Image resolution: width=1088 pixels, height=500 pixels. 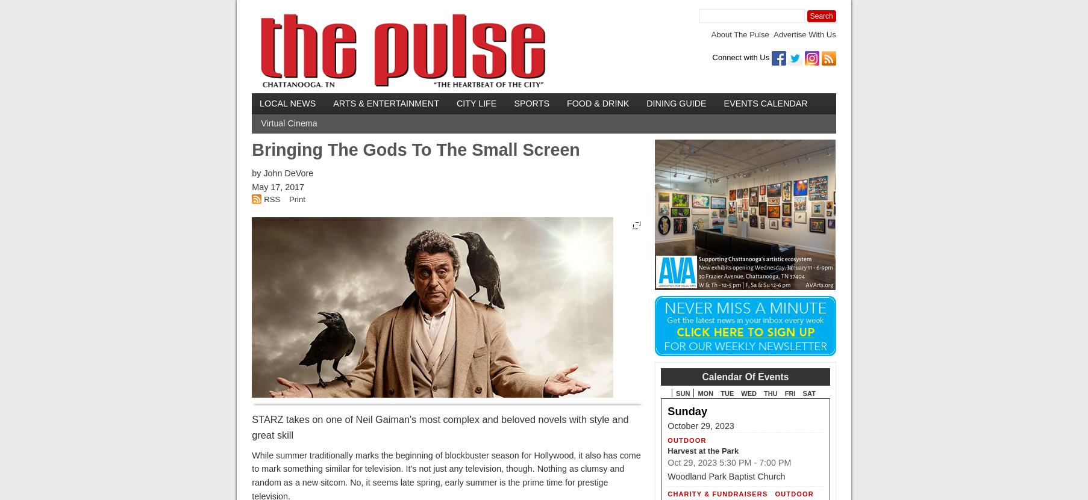 I want to click on 'twitter', so click(x=876, y=55).